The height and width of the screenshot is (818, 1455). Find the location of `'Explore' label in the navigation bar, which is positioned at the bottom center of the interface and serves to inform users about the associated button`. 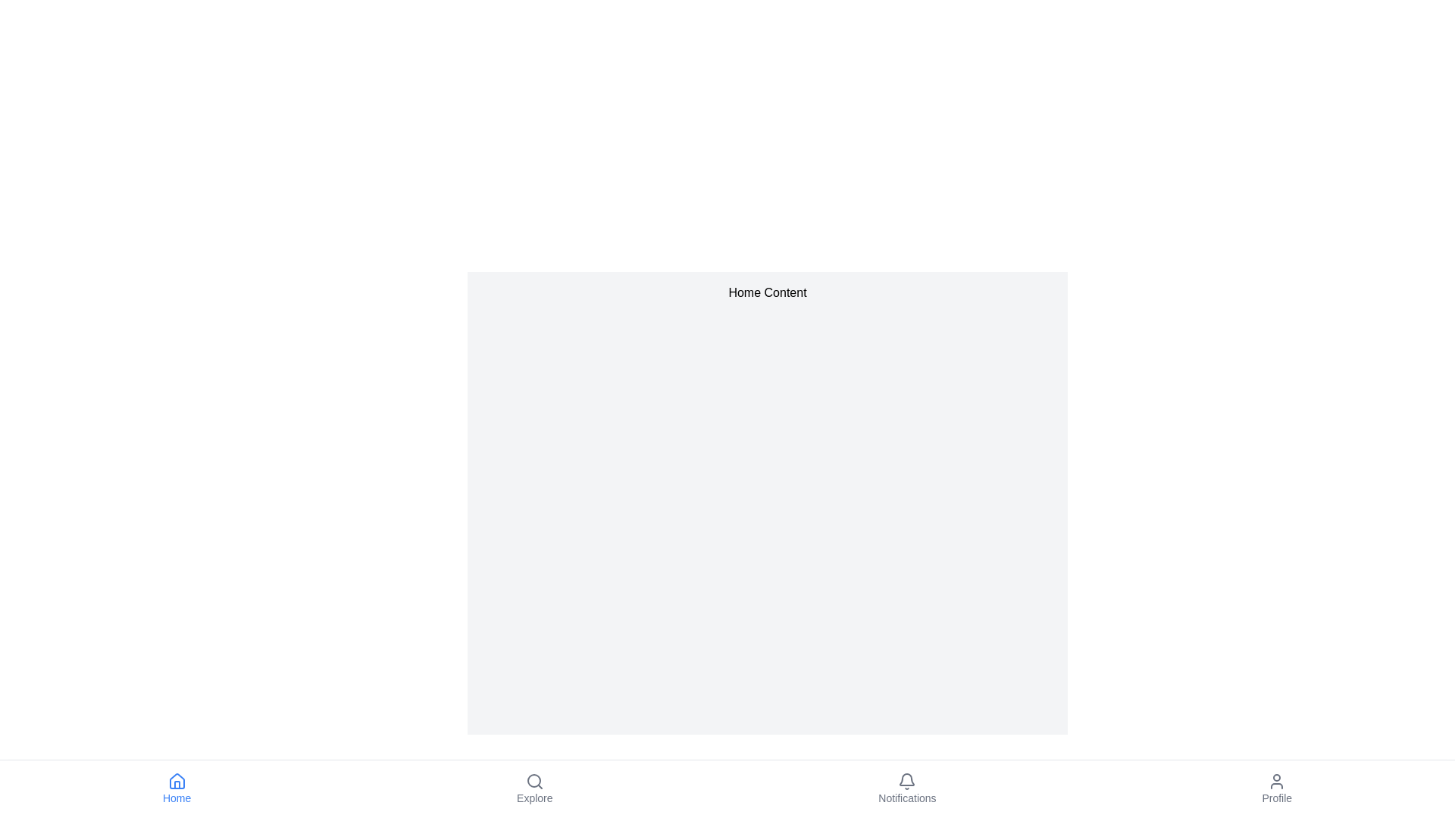

'Explore' label in the navigation bar, which is positioned at the bottom center of the interface and serves to inform users about the associated button is located at coordinates (534, 797).